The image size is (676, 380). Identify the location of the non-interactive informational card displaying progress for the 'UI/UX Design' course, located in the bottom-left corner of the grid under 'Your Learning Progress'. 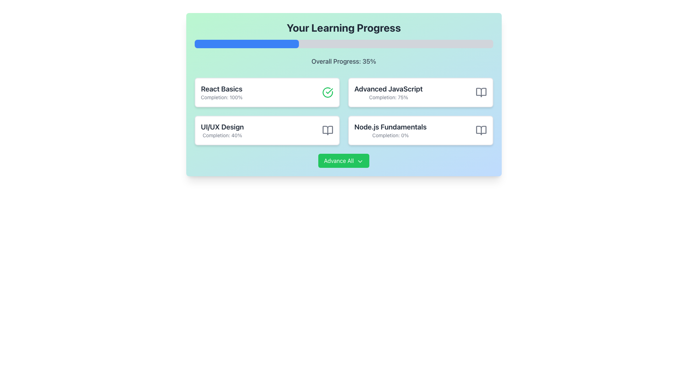
(267, 130).